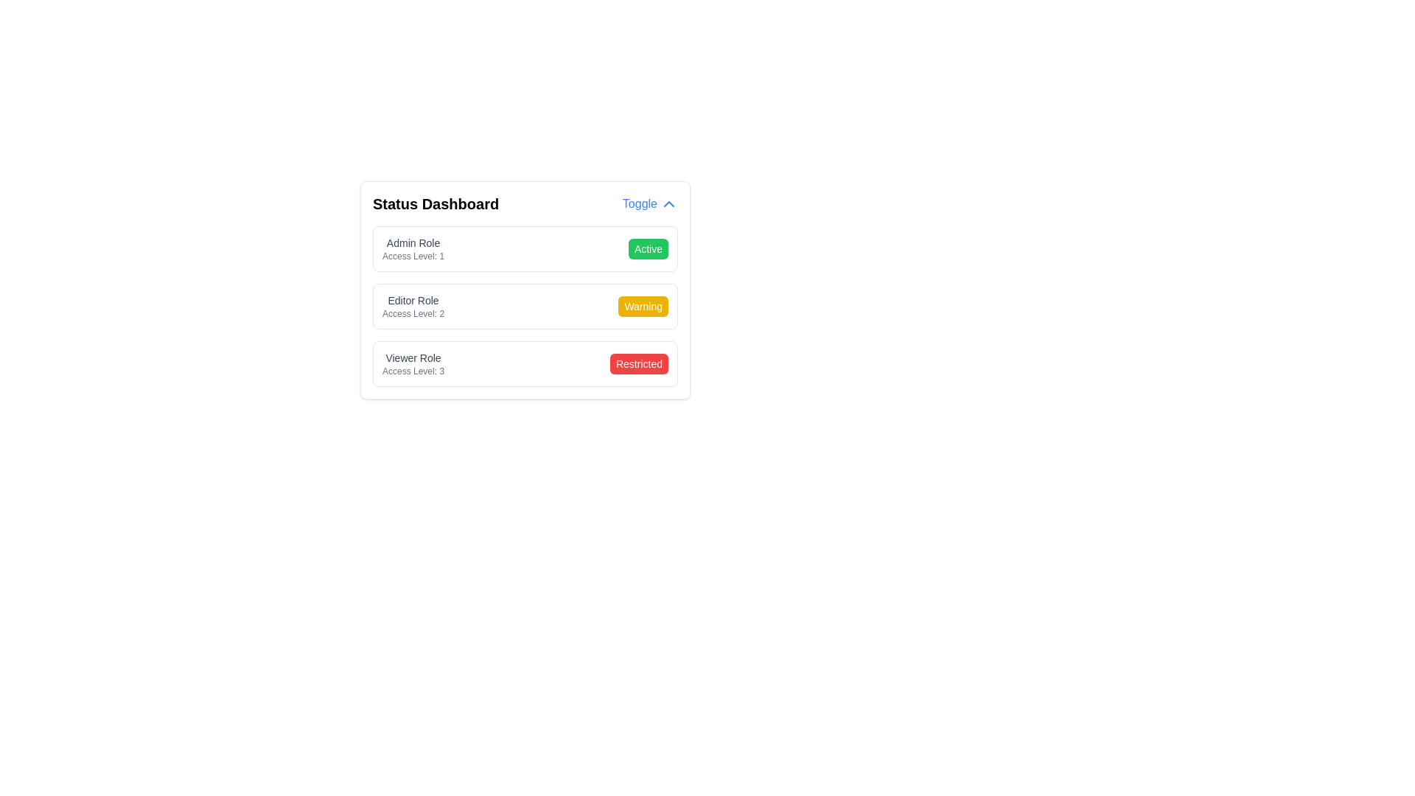 This screenshot has height=796, width=1415. I want to click on the Status indicator tag displaying 'Active', which is a rectangular button-like widget with a green background located on the right side of the 'Admin Role' and 'Access Level: 1' text, so click(648, 248).